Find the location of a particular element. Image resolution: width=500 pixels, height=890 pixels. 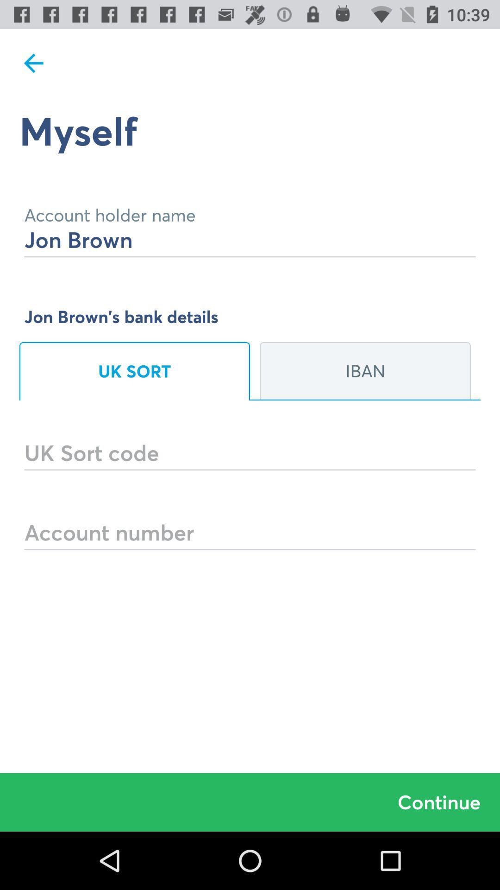

the iban item is located at coordinates (365, 371).